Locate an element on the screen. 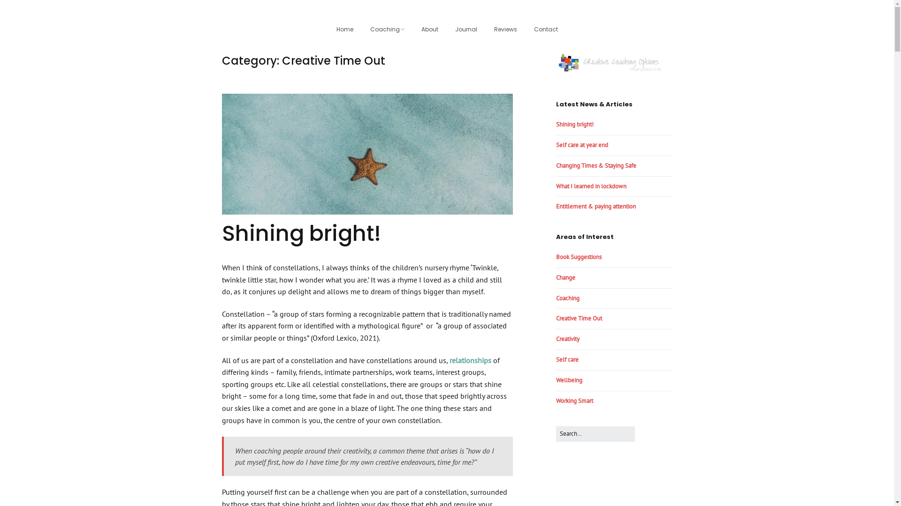 The width and height of the screenshot is (901, 506). 'Contact' is located at coordinates (546, 29).